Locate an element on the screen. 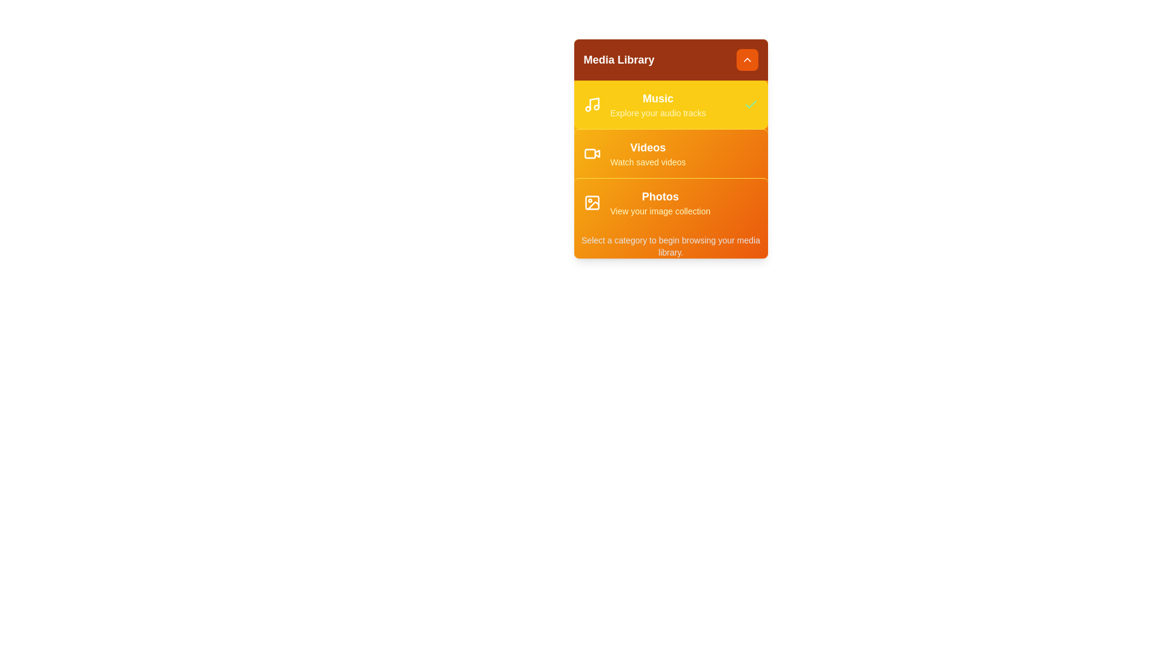  the toggle button to toggle the menu open or closed is located at coordinates (746, 60).